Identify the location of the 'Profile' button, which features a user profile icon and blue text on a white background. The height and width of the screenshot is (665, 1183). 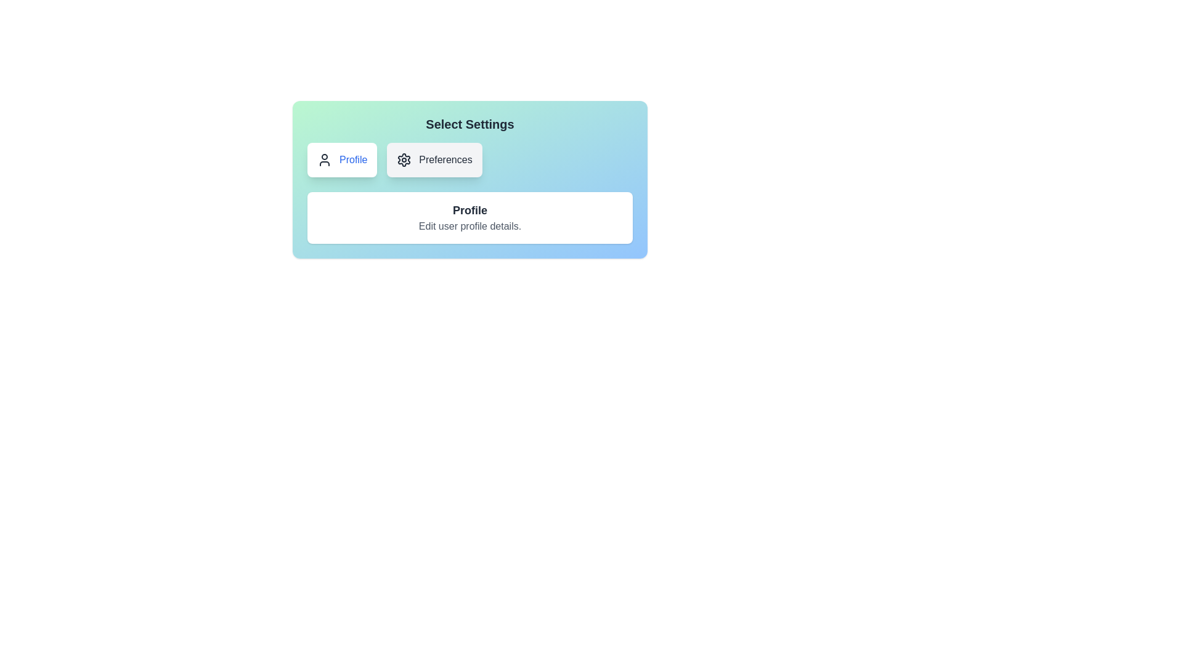
(342, 159).